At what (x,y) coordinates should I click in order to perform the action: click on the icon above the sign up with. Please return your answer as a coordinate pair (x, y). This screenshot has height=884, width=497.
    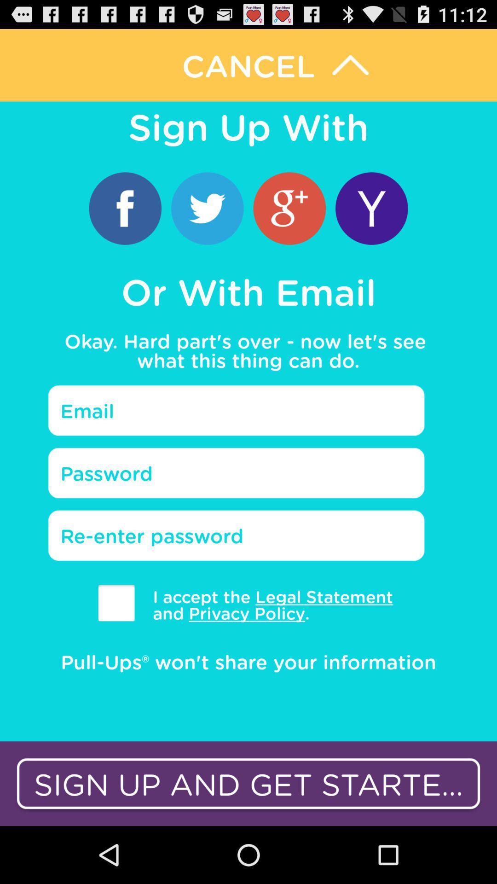
    Looking at the image, I should click on (248, 64).